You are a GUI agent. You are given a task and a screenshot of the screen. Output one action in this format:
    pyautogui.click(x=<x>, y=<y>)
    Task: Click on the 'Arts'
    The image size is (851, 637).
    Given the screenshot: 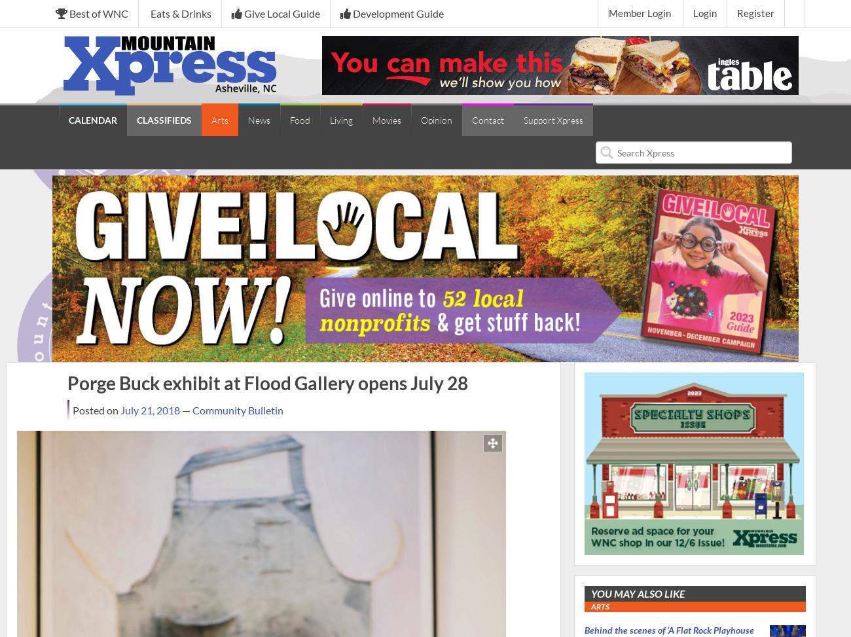 What is the action you would take?
    pyautogui.click(x=219, y=120)
    